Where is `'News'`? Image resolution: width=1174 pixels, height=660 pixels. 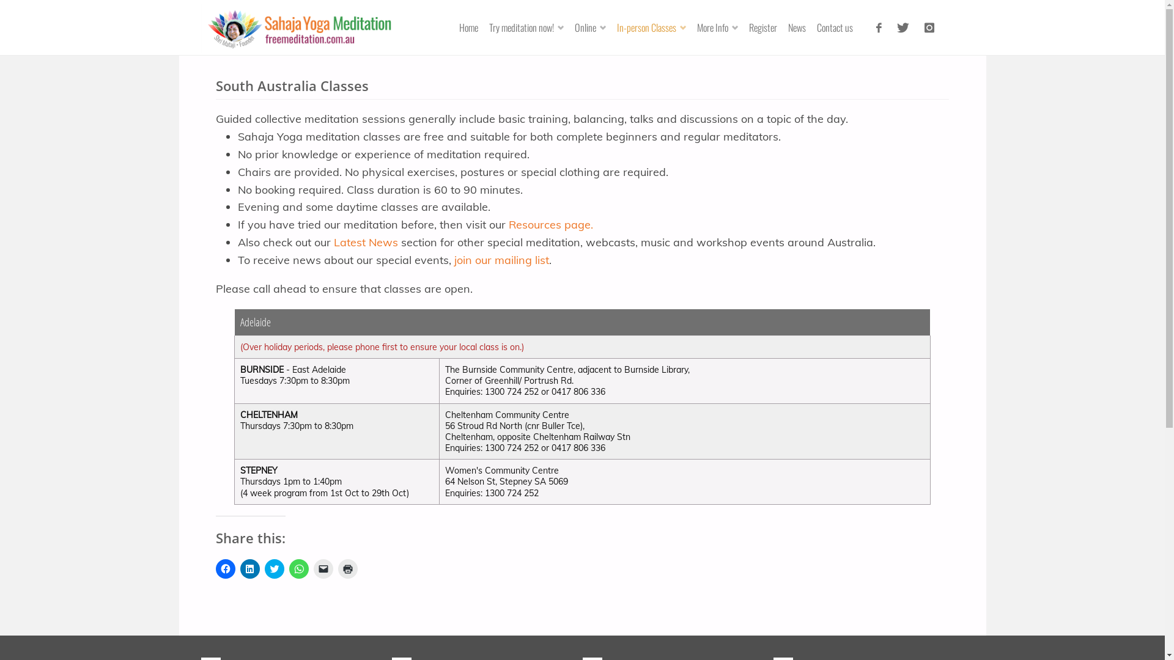 'News' is located at coordinates (801, 28).